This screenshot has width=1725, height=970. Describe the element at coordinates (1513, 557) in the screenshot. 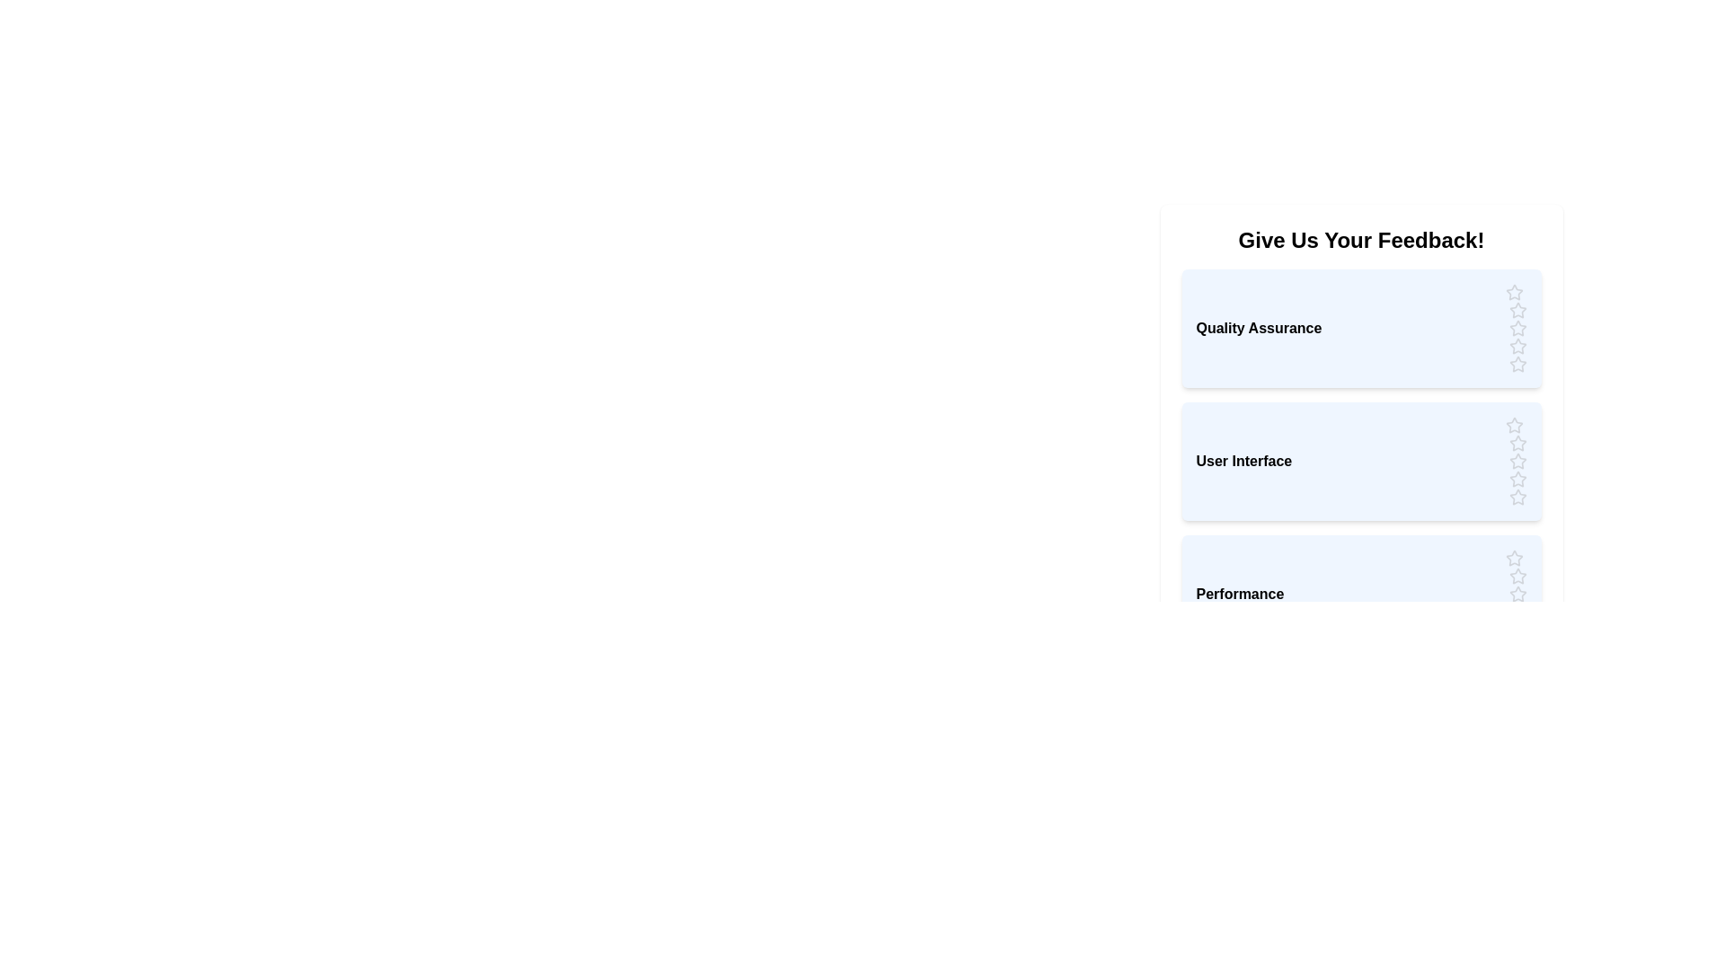

I see `the rating for the category 'Performance' to 1 stars` at that location.